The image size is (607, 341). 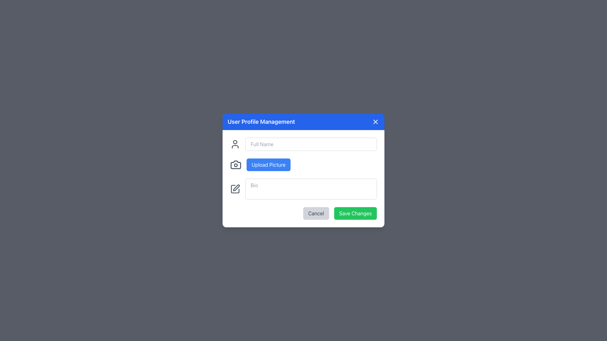 What do you see at coordinates (235, 165) in the screenshot?
I see `the decorative circle that is part of the camera icon located to the left of the 'Upload Picture' button in the dialog box` at bounding box center [235, 165].